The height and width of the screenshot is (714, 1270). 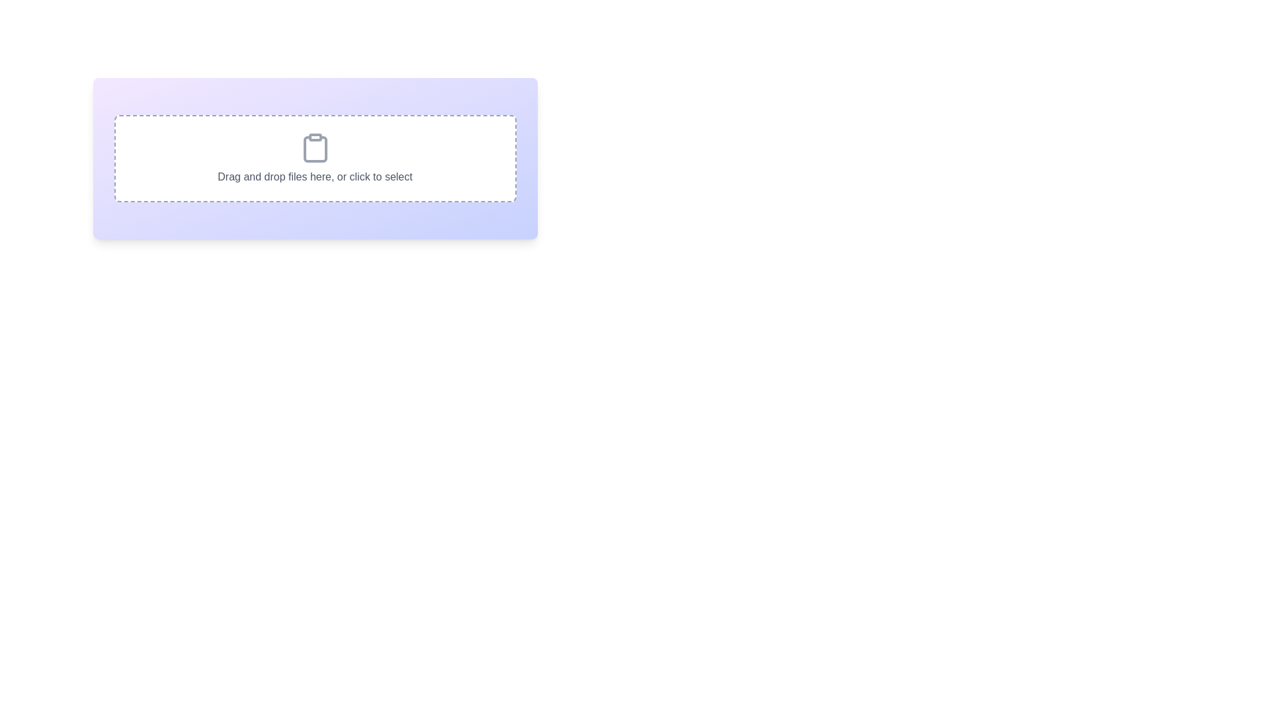 What do you see at coordinates (314, 138) in the screenshot?
I see `the decorative rectangular element located within the clipboard icon, positioned at the top center` at bounding box center [314, 138].